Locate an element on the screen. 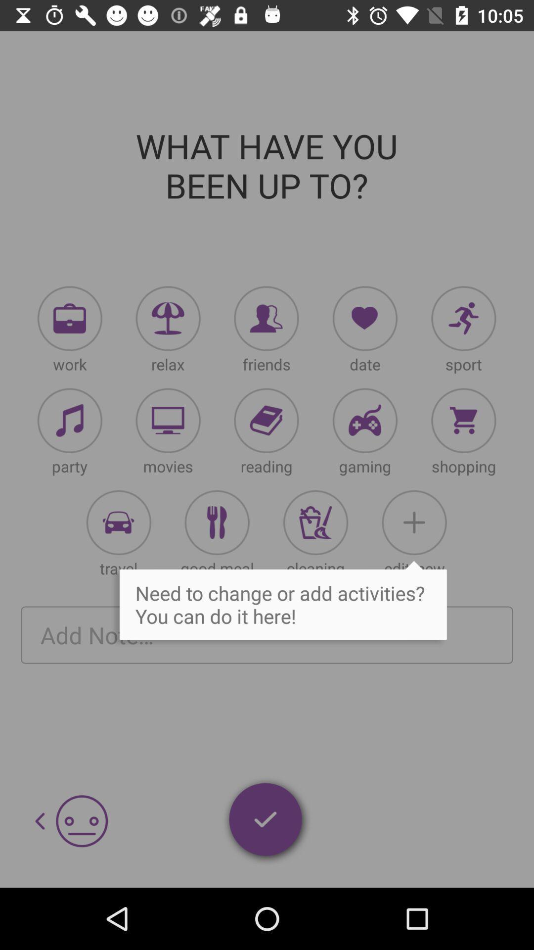 Image resolution: width=534 pixels, height=950 pixels. travel options is located at coordinates (118, 522).